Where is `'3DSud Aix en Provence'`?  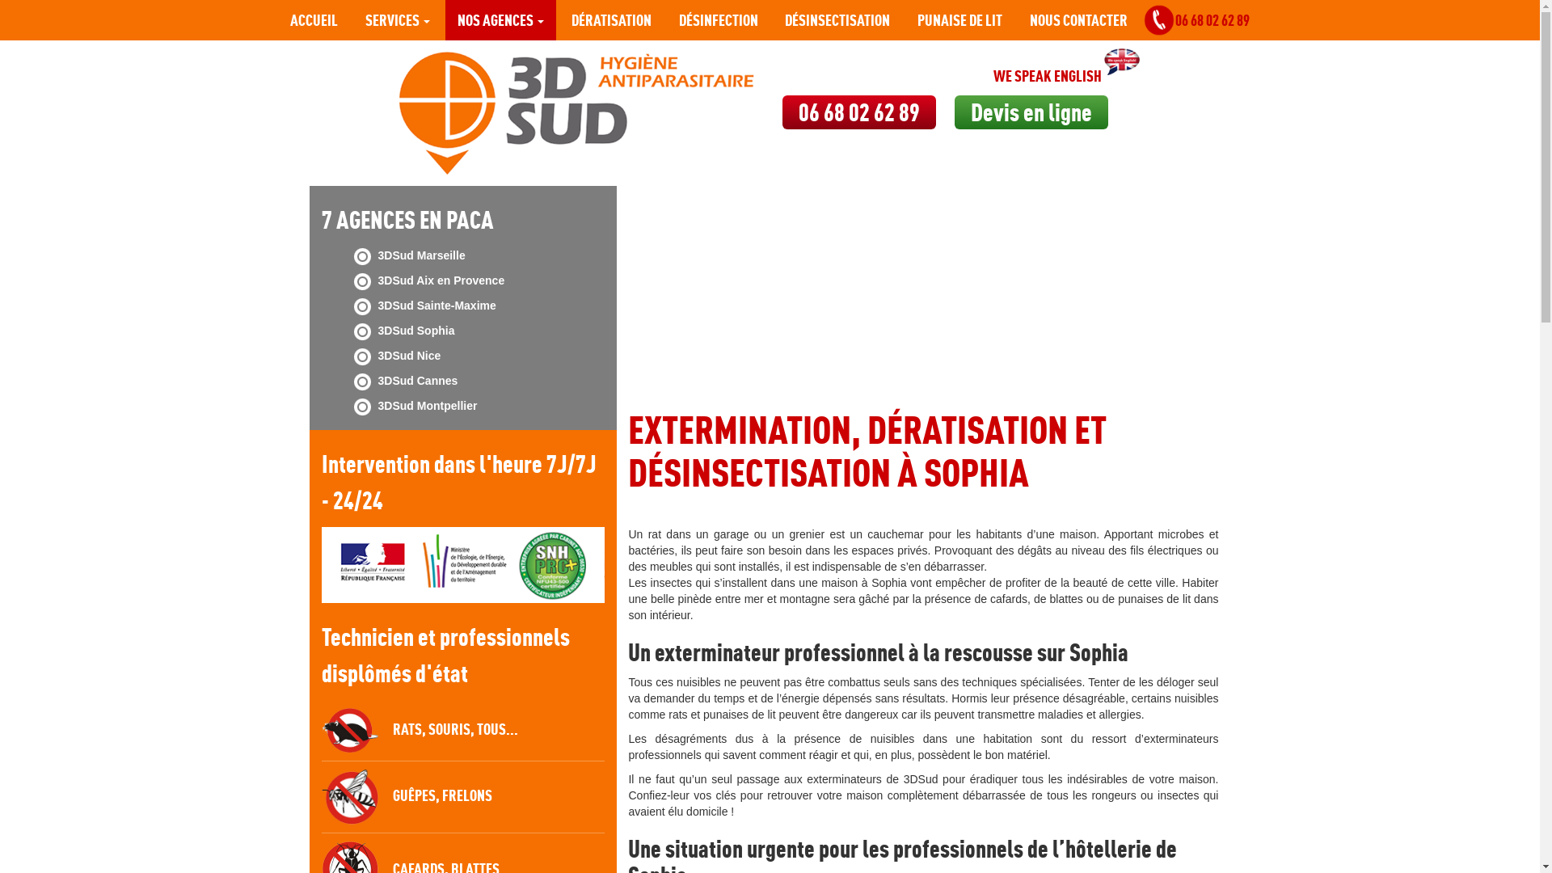 '3DSud Aix en Provence' is located at coordinates (441, 280).